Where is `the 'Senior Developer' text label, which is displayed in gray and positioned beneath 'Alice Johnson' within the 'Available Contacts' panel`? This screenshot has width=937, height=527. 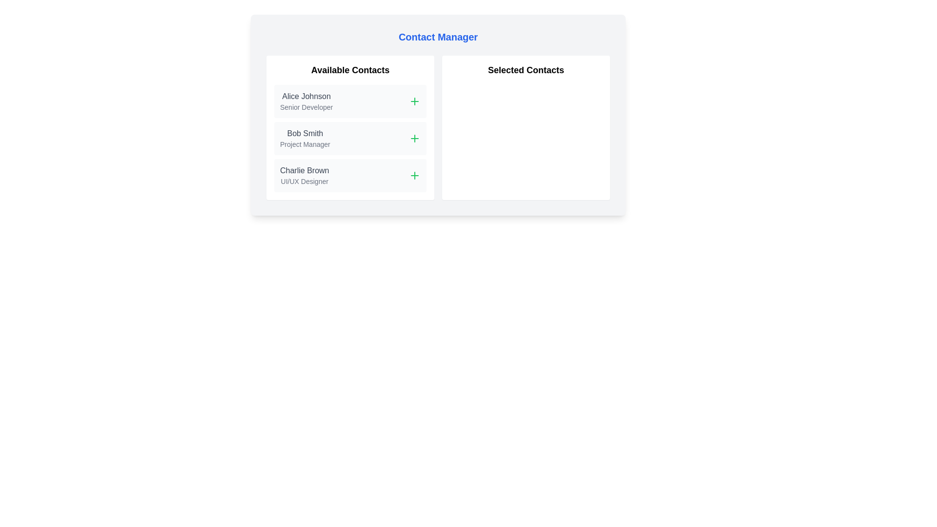 the 'Senior Developer' text label, which is displayed in gray and positioned beneath 'Alice Johnson' within the 'Available Contacts' panel is located at coordinates (306, 107).